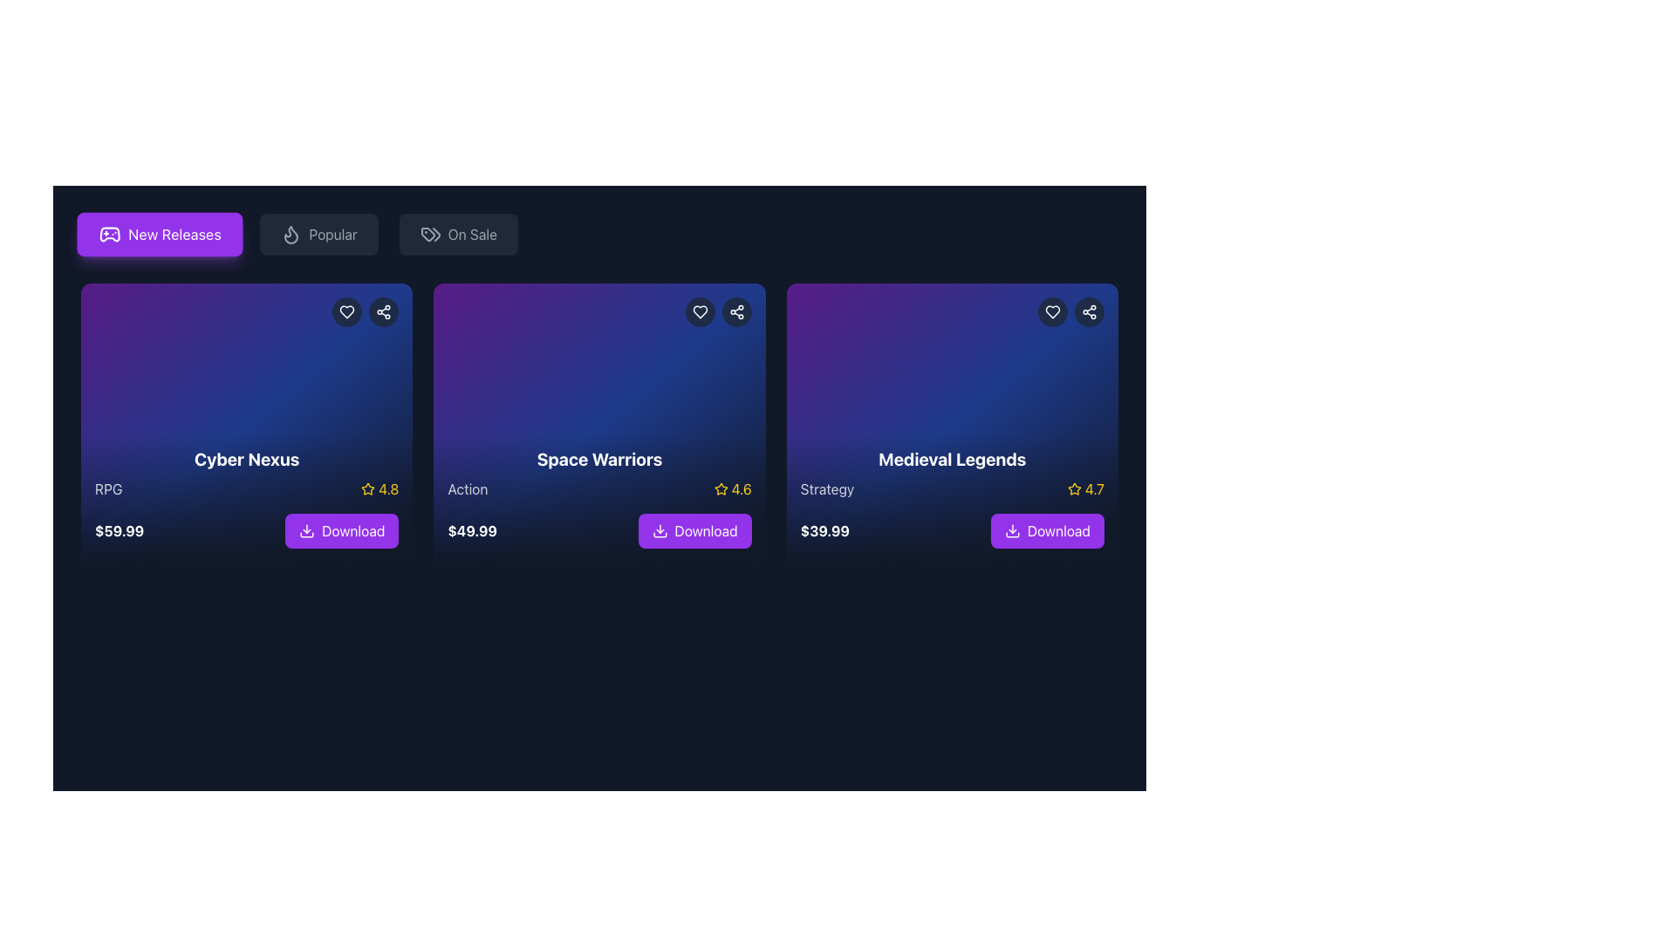 This screenshot has height=942, width=1675. Describe the element at coordinates (951, 459) in the screenshot. I see `the prominent bold white text displaying 'Medieval Legends' located at the top of its card, which is the third card in a series of horizontally aligned cards` at that location.